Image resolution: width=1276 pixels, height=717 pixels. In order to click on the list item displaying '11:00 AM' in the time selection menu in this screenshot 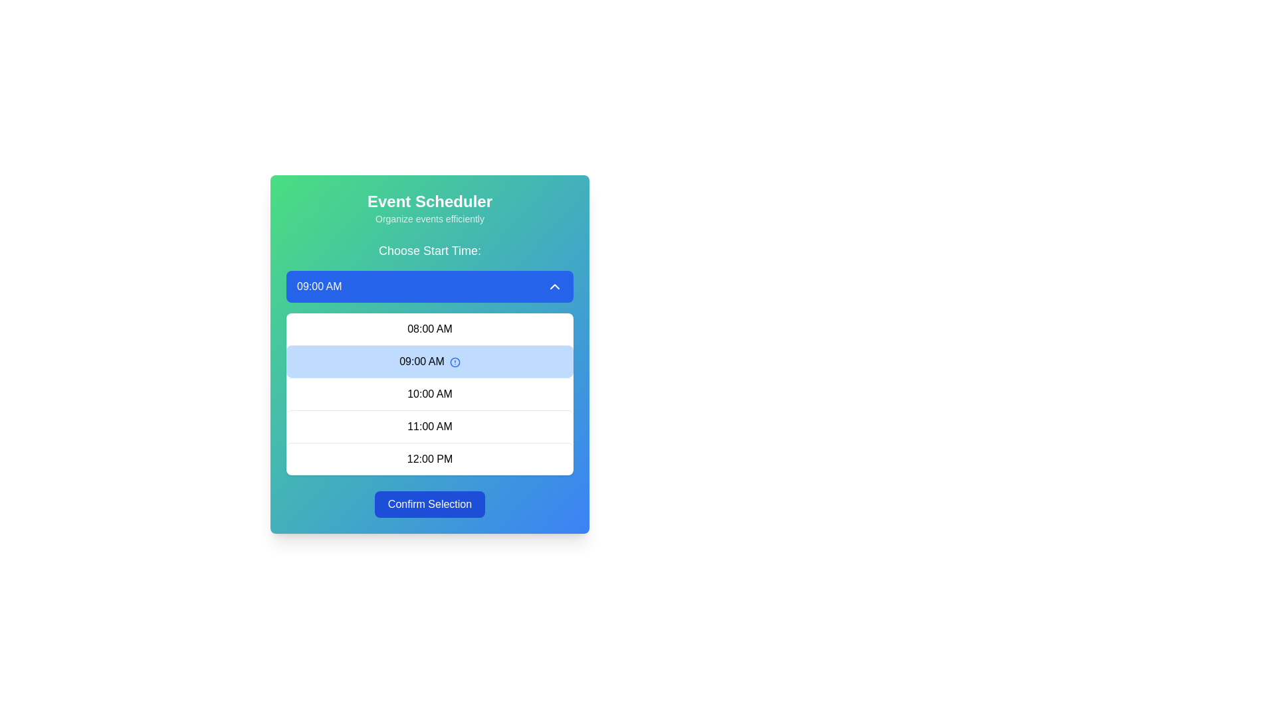, I will do `click(430, 426)`.